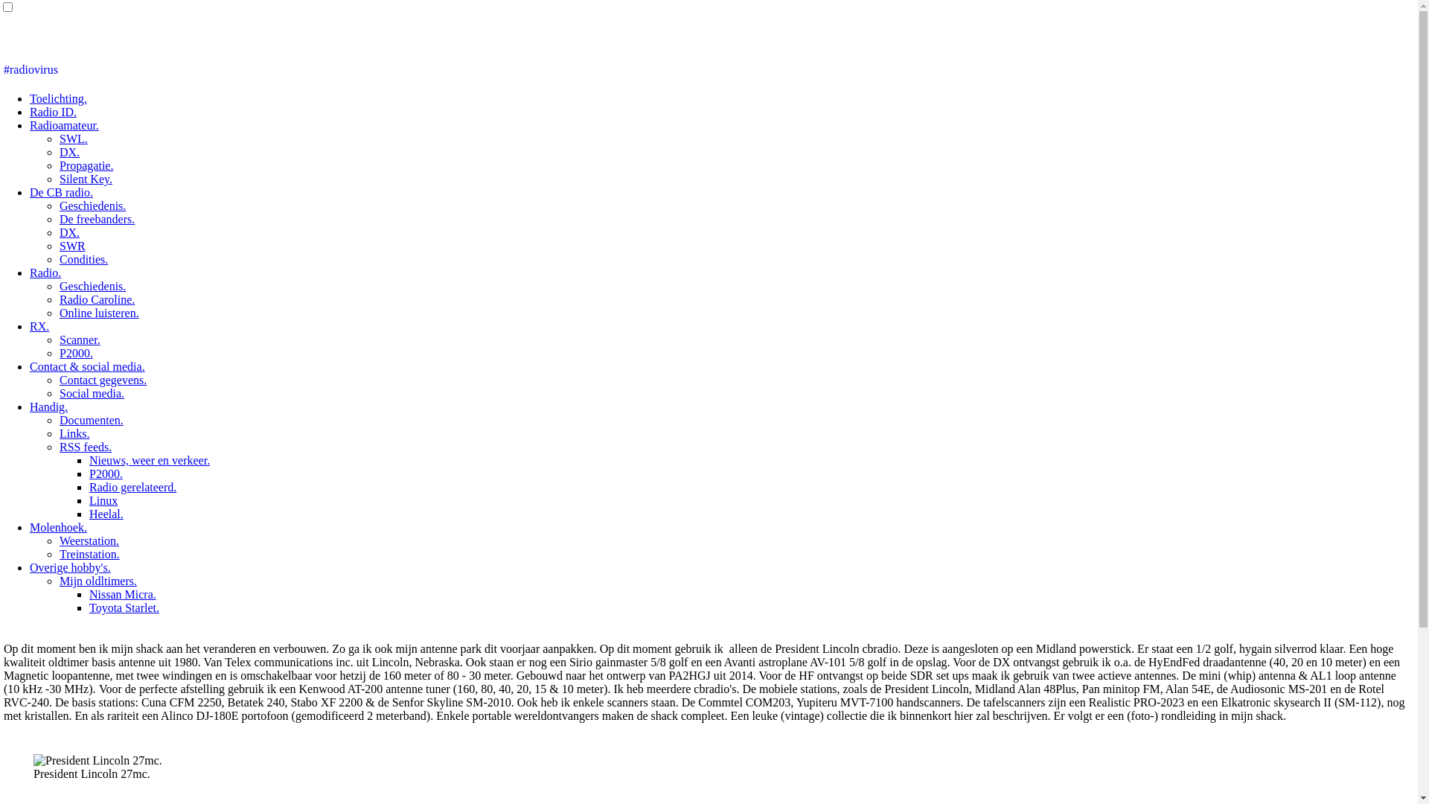  What do you see at coordinates (98, 312) in the screenshot?
I see `'Online luisteren.'` at bounding box center [98, 312].